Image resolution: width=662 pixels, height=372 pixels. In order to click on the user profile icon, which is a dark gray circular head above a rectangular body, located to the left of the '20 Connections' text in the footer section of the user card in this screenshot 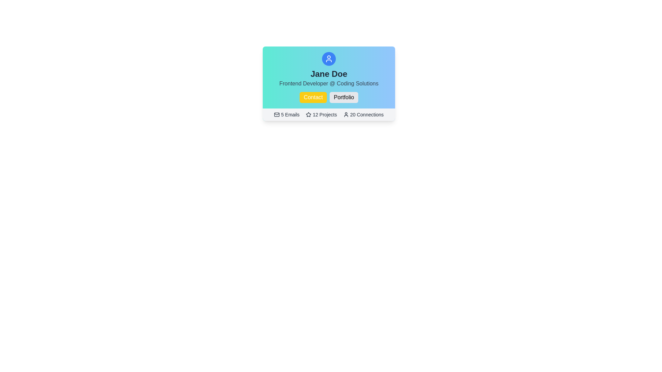, I will do `click(346, 114)`.